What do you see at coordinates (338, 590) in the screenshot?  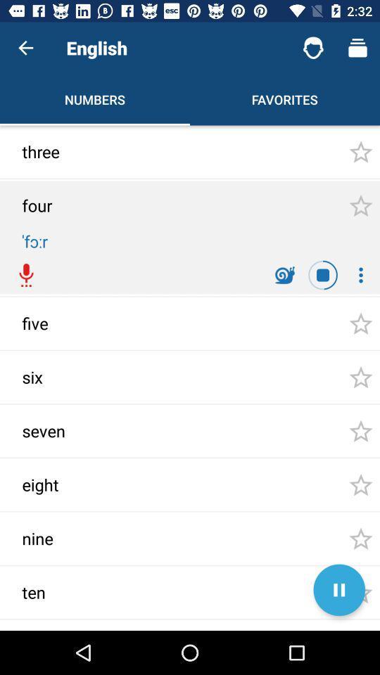 I see `the pause icon` at bounding box center [338, 590].